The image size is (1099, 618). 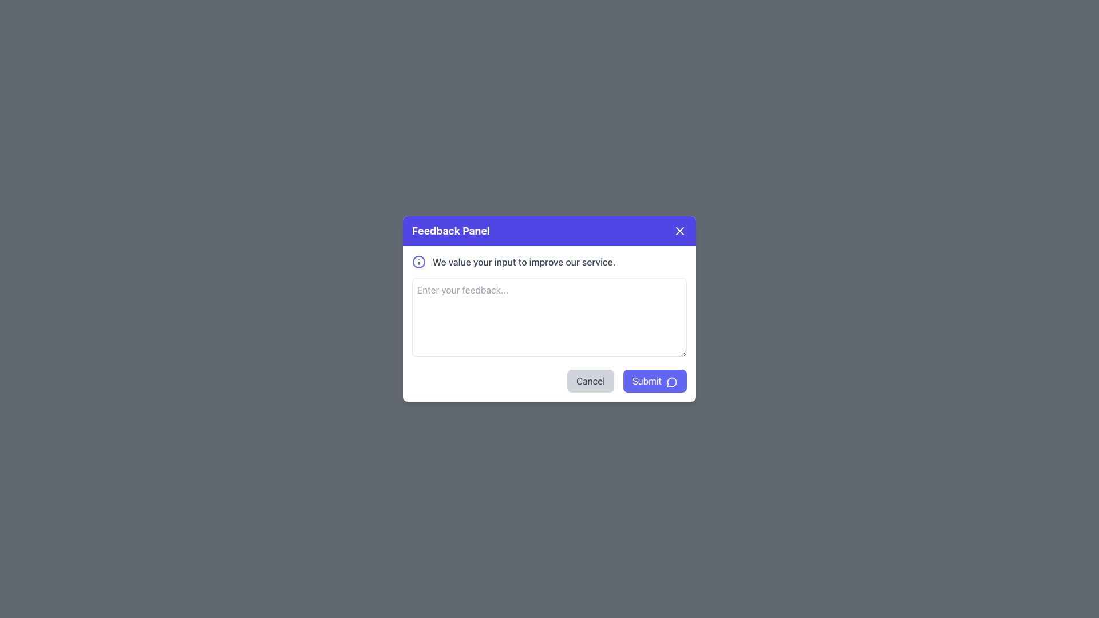 What do you see at coordinates (450, 231) in the screenshot?
I see `the 'Feedback Panel' text label, which is located at the top center of the feedback panel header, featuring bold white text on a purple background` at bounding box center [450, 231].